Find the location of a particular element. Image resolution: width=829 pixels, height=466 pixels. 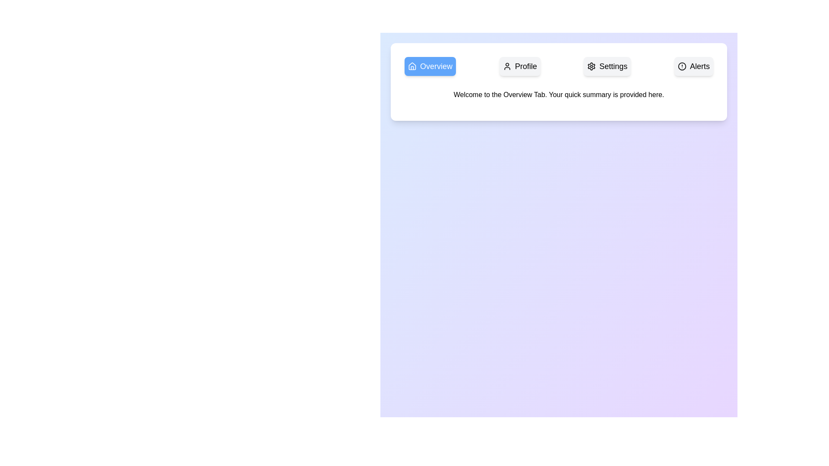

the 'Profile' button which contains the user-related functions icon located directly to the left of the word 'Profile' is located at coordinates (507, 66).